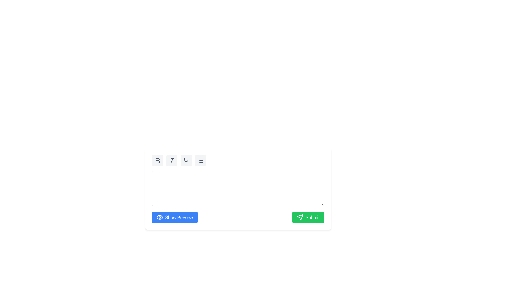 Image resolution: width=530 pixels, height=298 pixels. Describe the element at coordinates (157, 161) in the screenshot. I see `the bold formatting button, which is represented by an icon resembling a bold letter 'B' on a light gray rounded background, located at the top-left corner of the text editor interface` at that location.